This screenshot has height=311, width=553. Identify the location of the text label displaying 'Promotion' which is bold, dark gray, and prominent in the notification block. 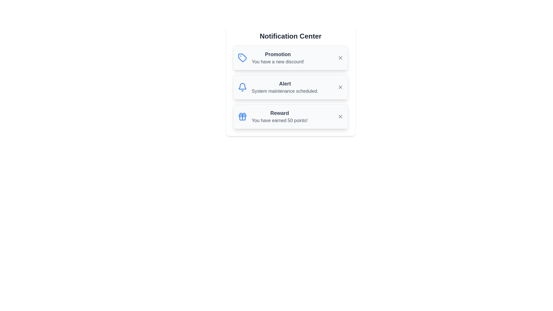
(278, 54).